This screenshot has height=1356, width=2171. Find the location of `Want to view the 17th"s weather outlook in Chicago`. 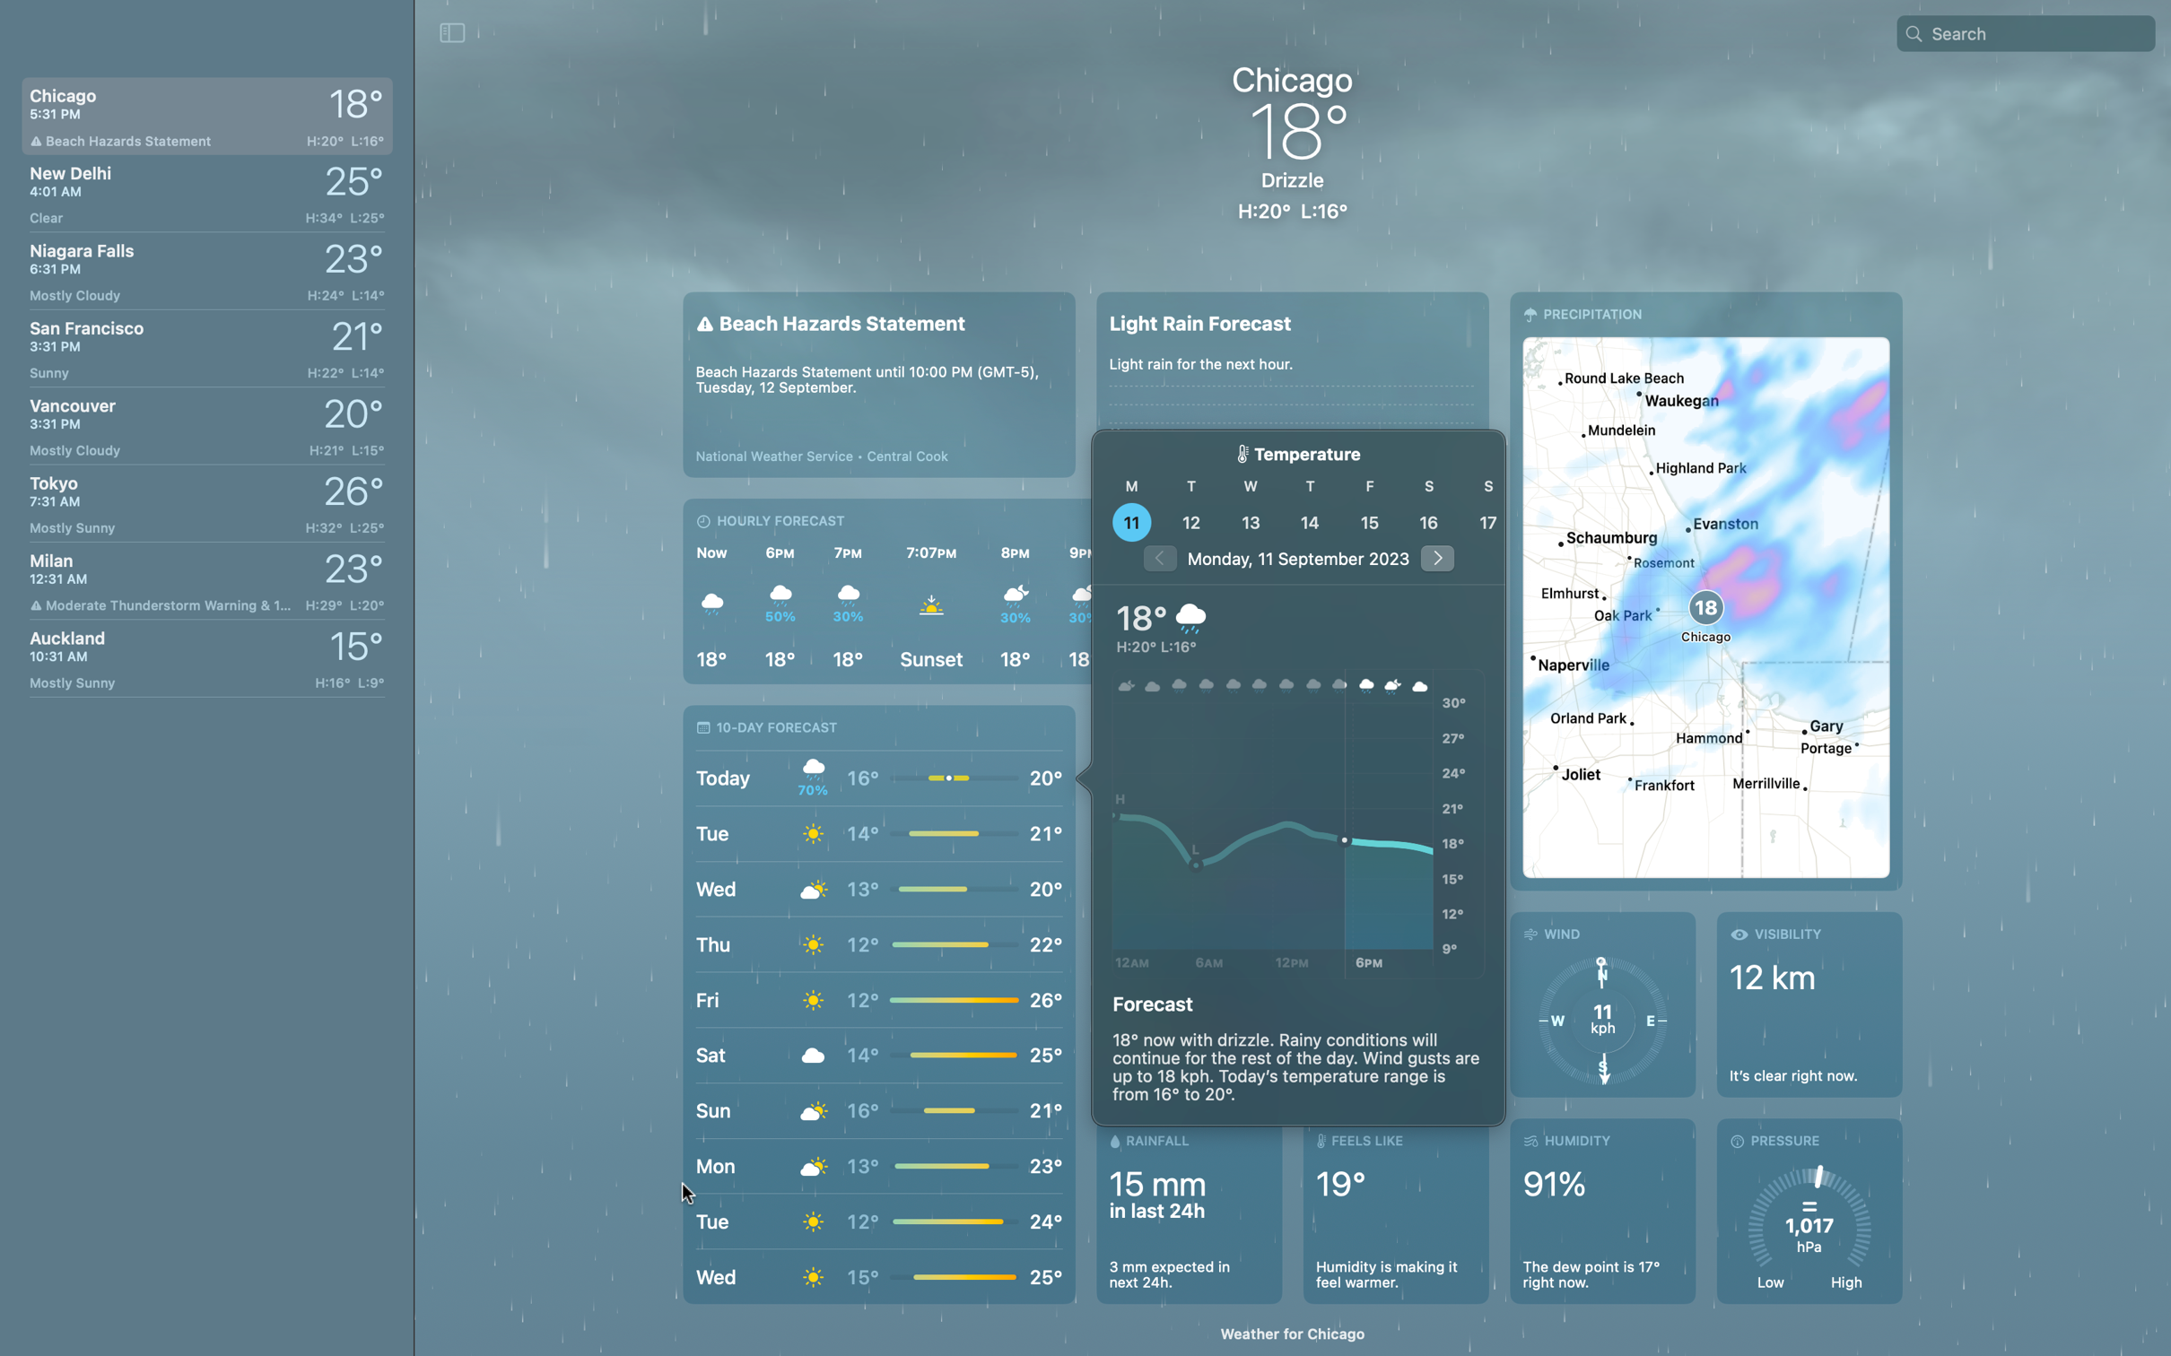

Want to view the 17th"s weather outlook in Chicago is located at coordinates (1483, 521).